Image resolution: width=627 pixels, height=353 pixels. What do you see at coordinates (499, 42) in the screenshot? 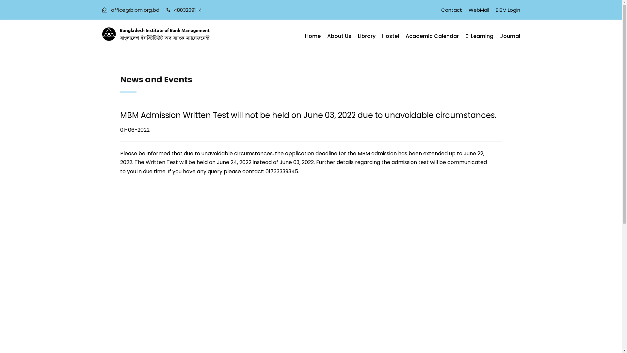
I see `'Journal'` at bounding box center [499, 42].